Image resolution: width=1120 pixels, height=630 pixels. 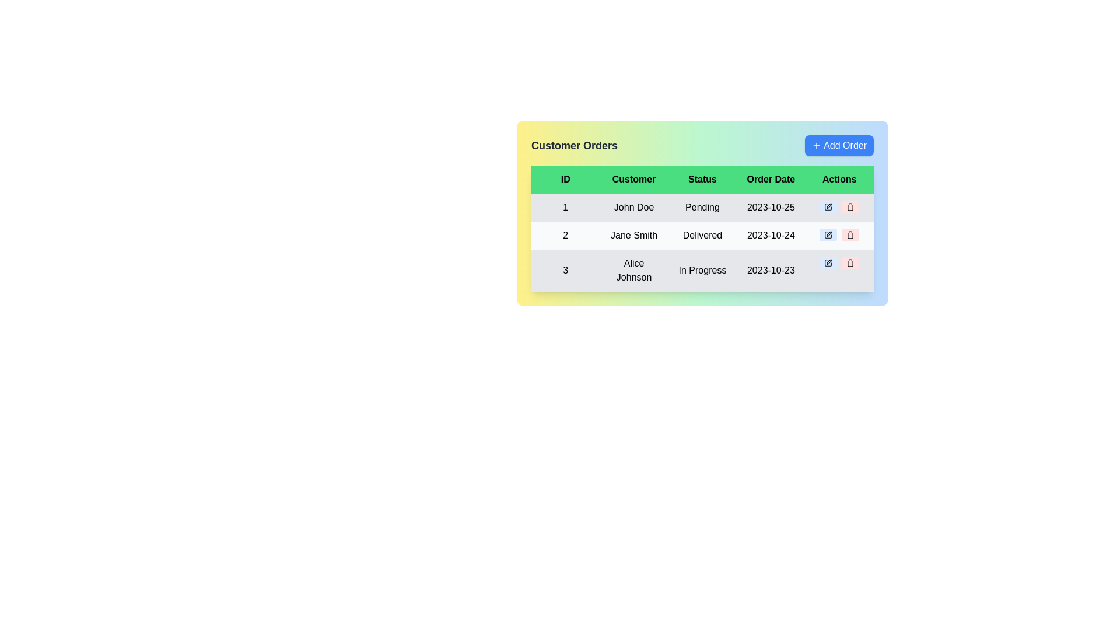 What do you see at coordinates (702, 242) in the screenshot?
I see `the second row in the order summary table for customer 'Jane Smith'` at bounding box center [702, 242].